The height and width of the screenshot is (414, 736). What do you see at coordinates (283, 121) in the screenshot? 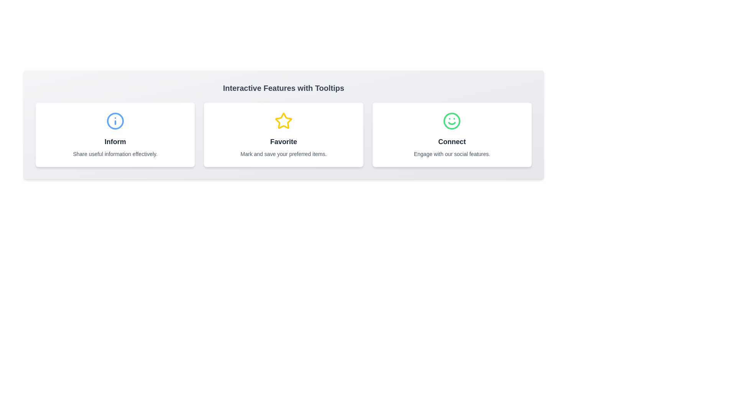
I see `the yellow star icon outlined in black, located in the middle column of the 'Favorite' card, positioned above the 'Favorite' text` at bounding box center [283, 121].